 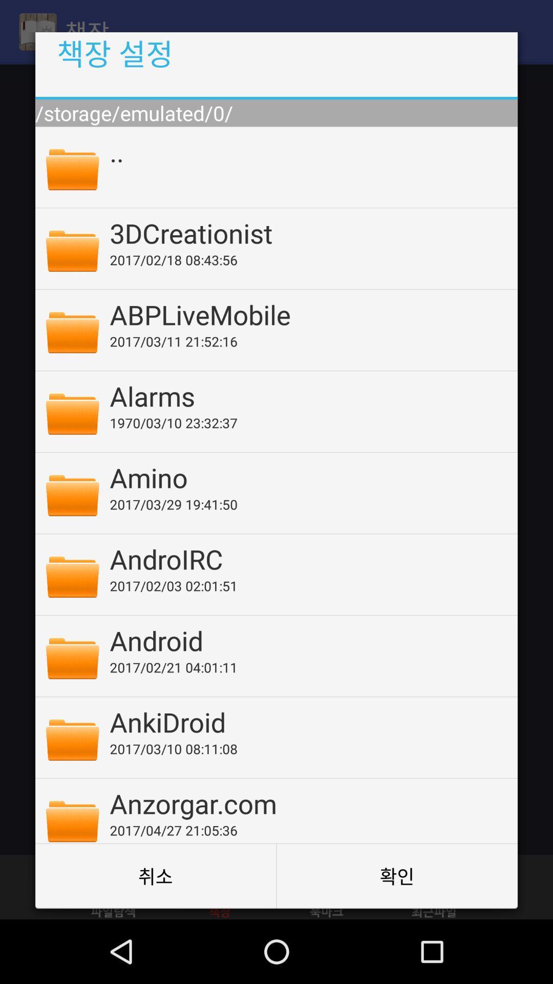 What do you see at coordinates (306, 232) in the screenshot?
I see `the icon above 2017 02 18 item` at bounding box center [306, 232].